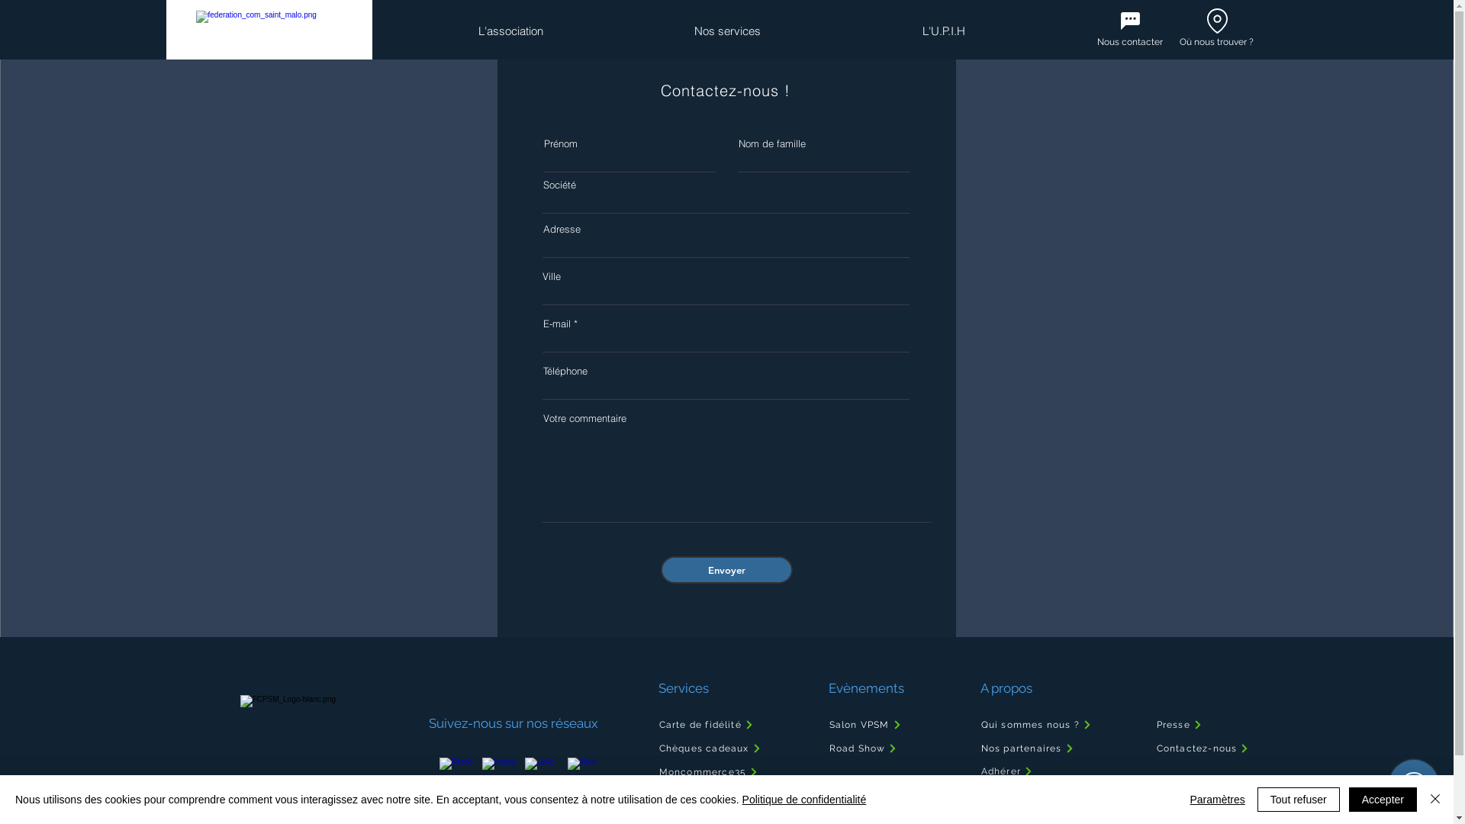  Describe the element at coordinates (979, 723) in the screenshot. I see `'Qui sommes nous ?'` at that location.